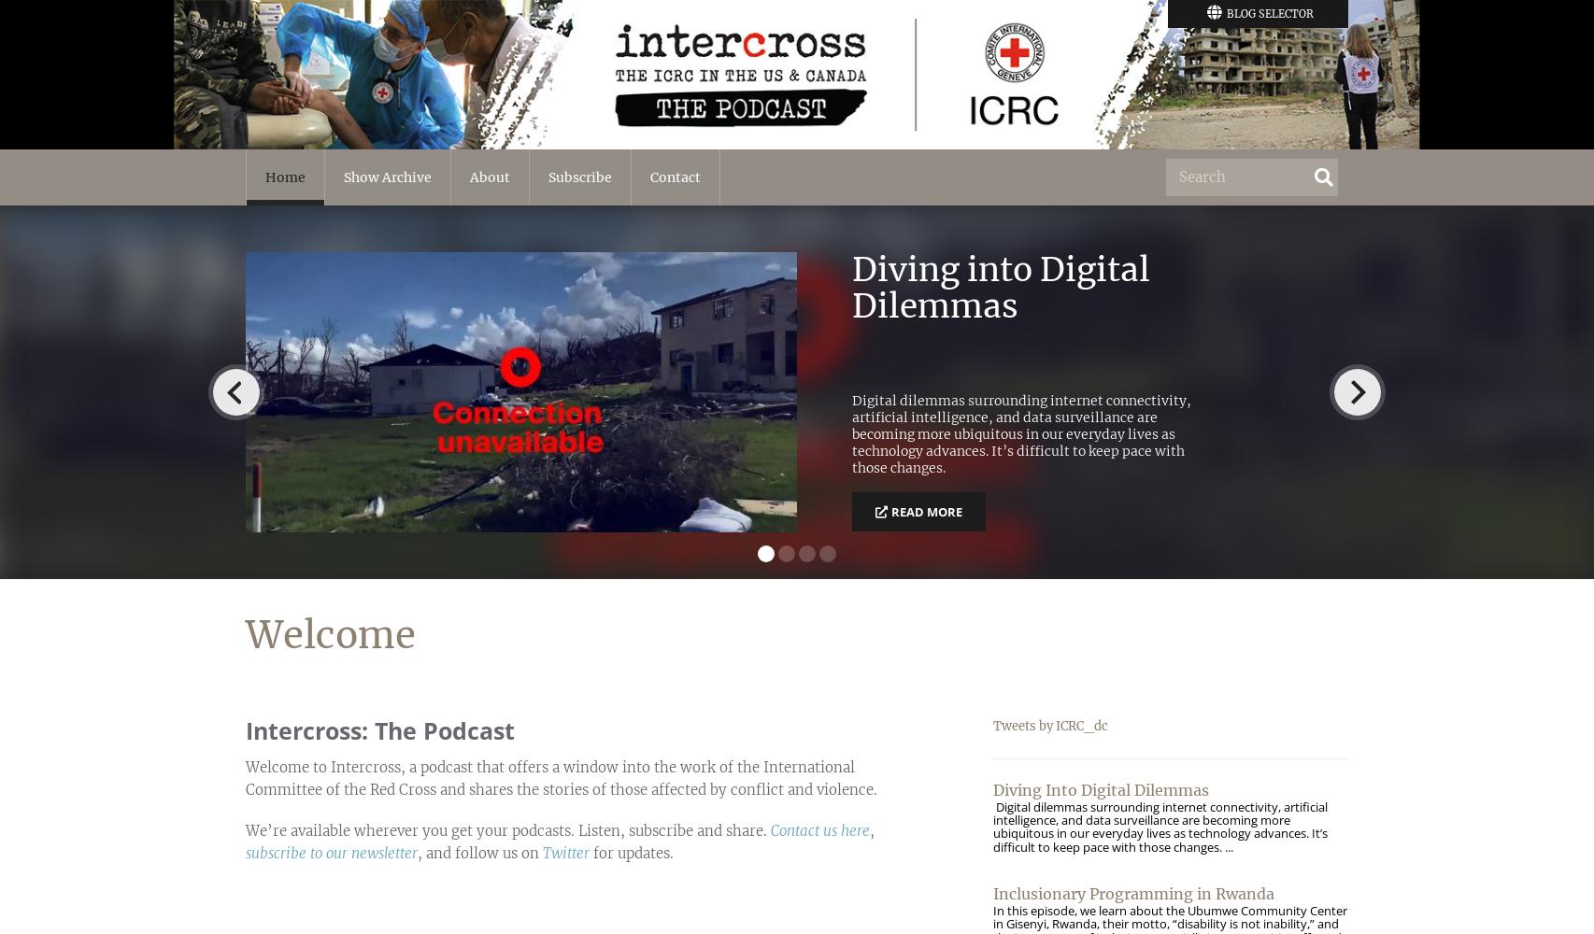 The image size is (1594, 934). I want to click on 'Welcome', so click(330, 635).